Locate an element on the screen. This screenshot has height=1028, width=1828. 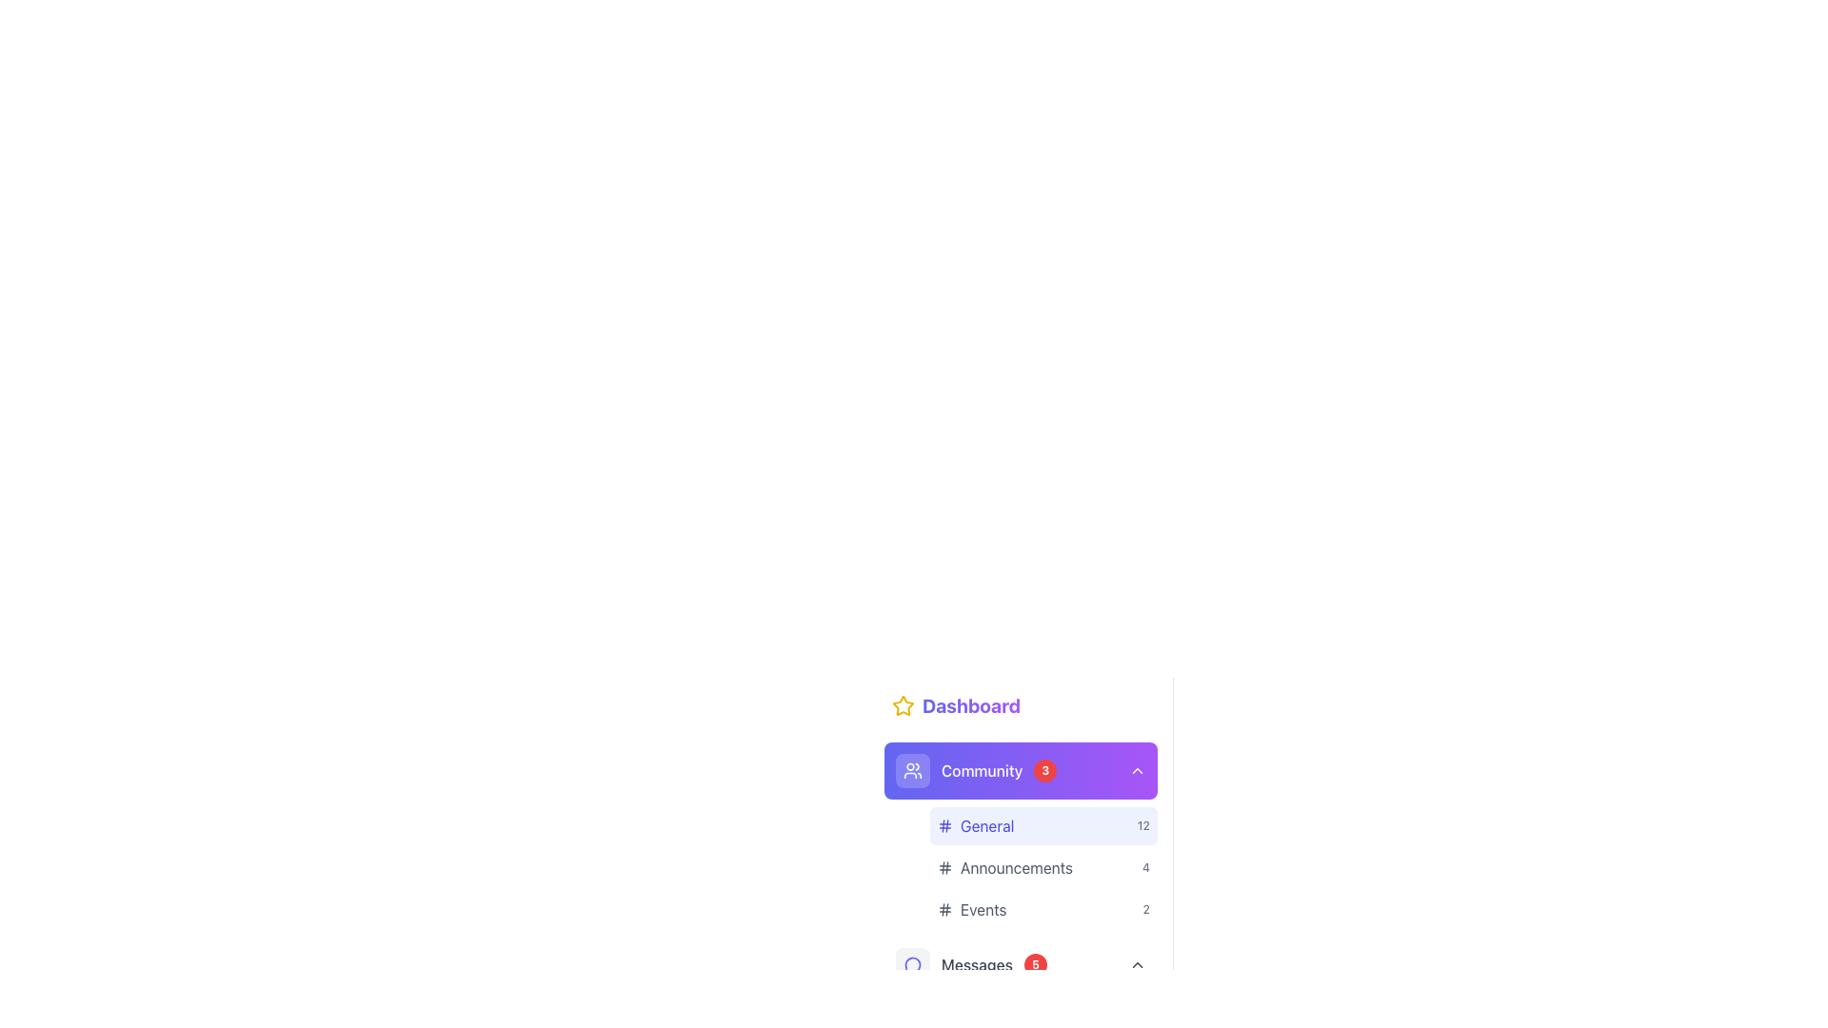
the downward arrow icon located at the right end of the 'Community' section in the navigation menu is located at coordinates (1138, 771).